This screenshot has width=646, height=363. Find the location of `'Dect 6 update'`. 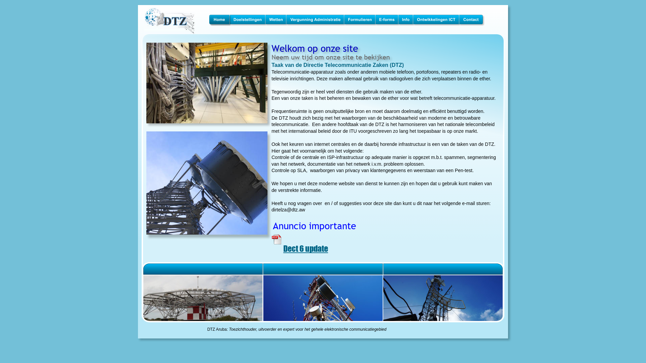

'Dect 6 update' is located at coordinates (305, 248).